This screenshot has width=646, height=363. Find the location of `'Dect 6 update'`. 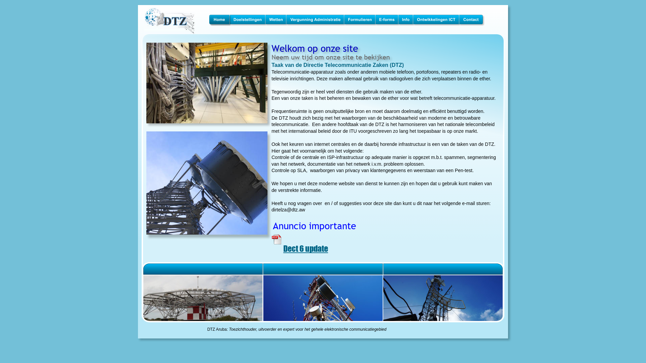

'Dect 6 update' is located at coordinates (305, 248).